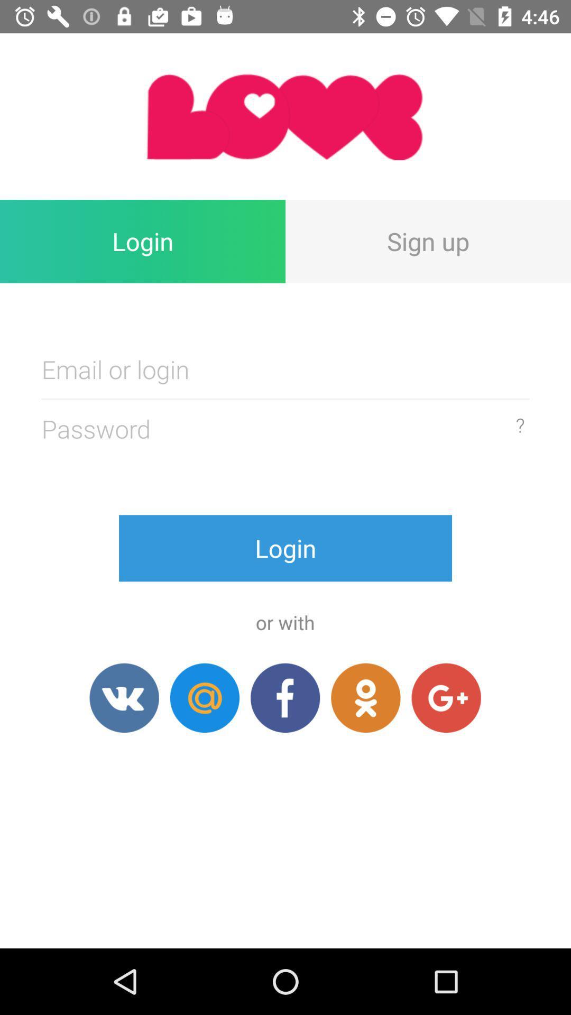 The width and height of the screenshot is (571, 1015). Describe the element at coordinates (519, 425) in the screenshot. I see `?  item` at that location.